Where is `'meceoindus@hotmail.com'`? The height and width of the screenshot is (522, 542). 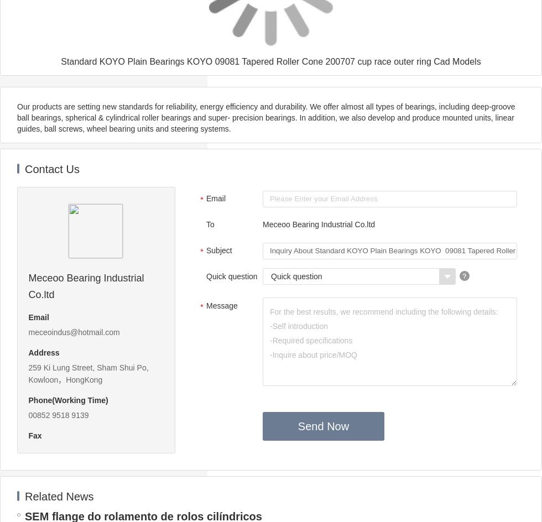 'meceoindus@hotmail.com' is located at coordinates (74, 332).